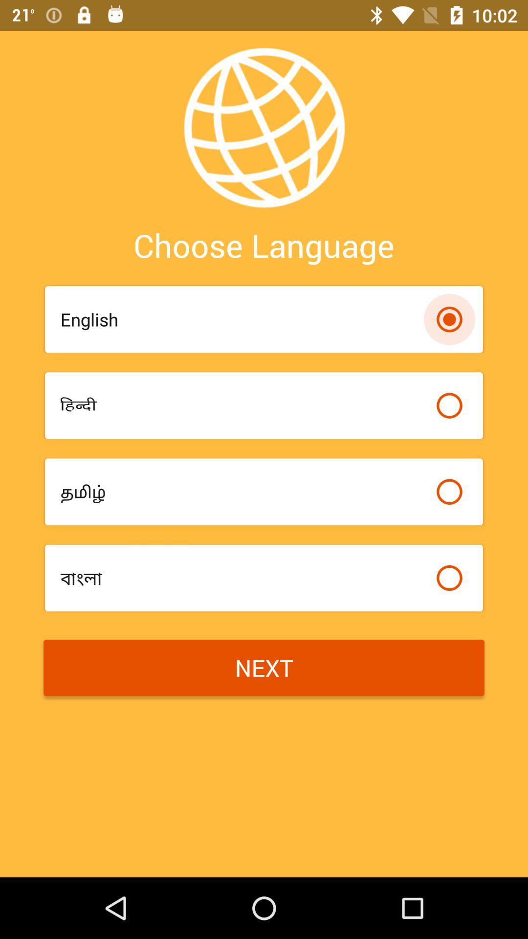  Describe the element at coordinates (242, 319) in the screenshot. I see `icon below the choose language item` at that location.